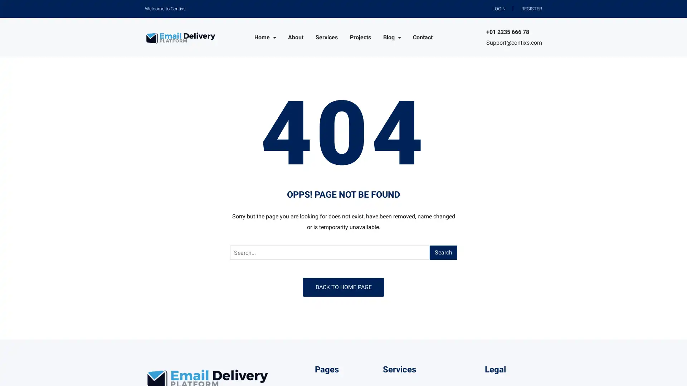 The image size is (687, 386). Describe the element at coordinates (443, 252) in the screenshot. I see `Search` at that location.